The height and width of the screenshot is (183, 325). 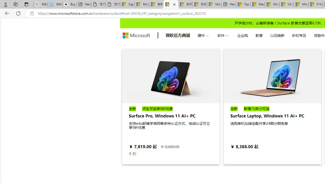 I want to click on 'View site information', so click(x=32, y=13).